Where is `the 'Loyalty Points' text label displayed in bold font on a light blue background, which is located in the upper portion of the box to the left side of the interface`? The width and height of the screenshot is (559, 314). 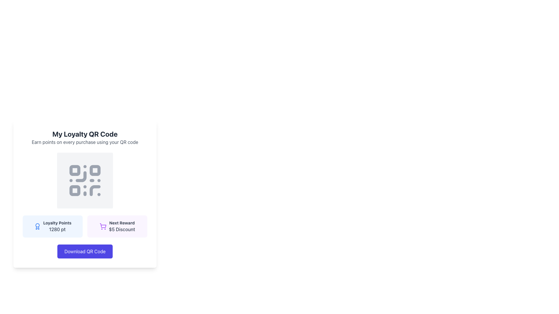 the 'Loyalty Points' text label displayed in bold font on a light blue background, which is located in the upper portion of the box to the left side of the interface is located at coordinates (57, 223).